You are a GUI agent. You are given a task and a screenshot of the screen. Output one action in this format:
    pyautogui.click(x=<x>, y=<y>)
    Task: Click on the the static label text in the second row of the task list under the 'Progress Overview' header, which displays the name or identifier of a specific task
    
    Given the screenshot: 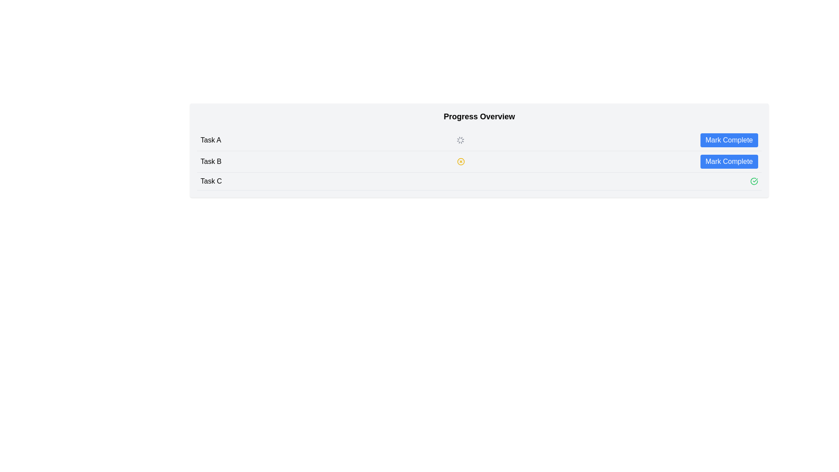 What is the action you would take?
    pyautogui.click(x=211, y=162)
    